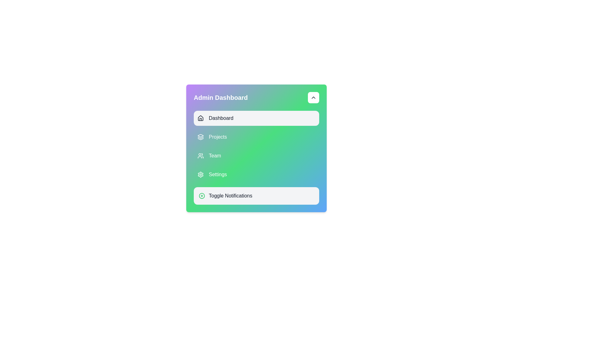 Image resolution: width=602 pixels, height=338 pixels. Describe the element at coordinates (256, 137) in the screenshot. I see `the second item in the vertical list of the side menu, which is labeled 'Projects' and has a green background` at that location.